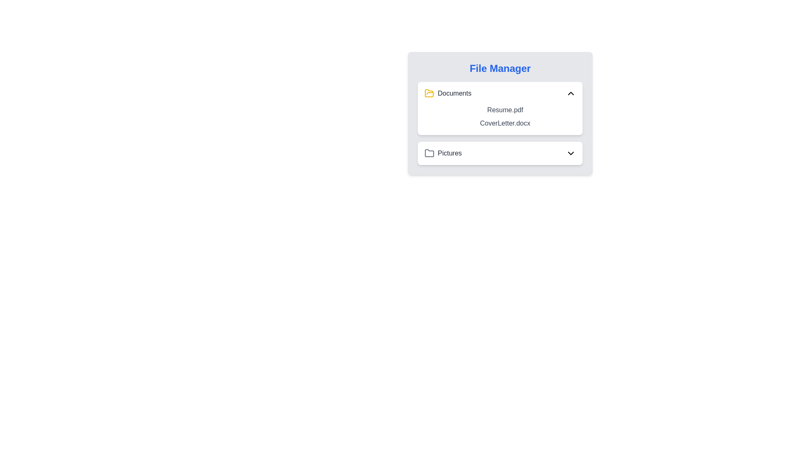 Image resolution: width=799 pixels, height=449 pixels. Describe the element at coordinates (442, 153) in the screenshot. I see `the 'Pictures' folder item located below the 'Documents' folder in the file manager interface` at that location.